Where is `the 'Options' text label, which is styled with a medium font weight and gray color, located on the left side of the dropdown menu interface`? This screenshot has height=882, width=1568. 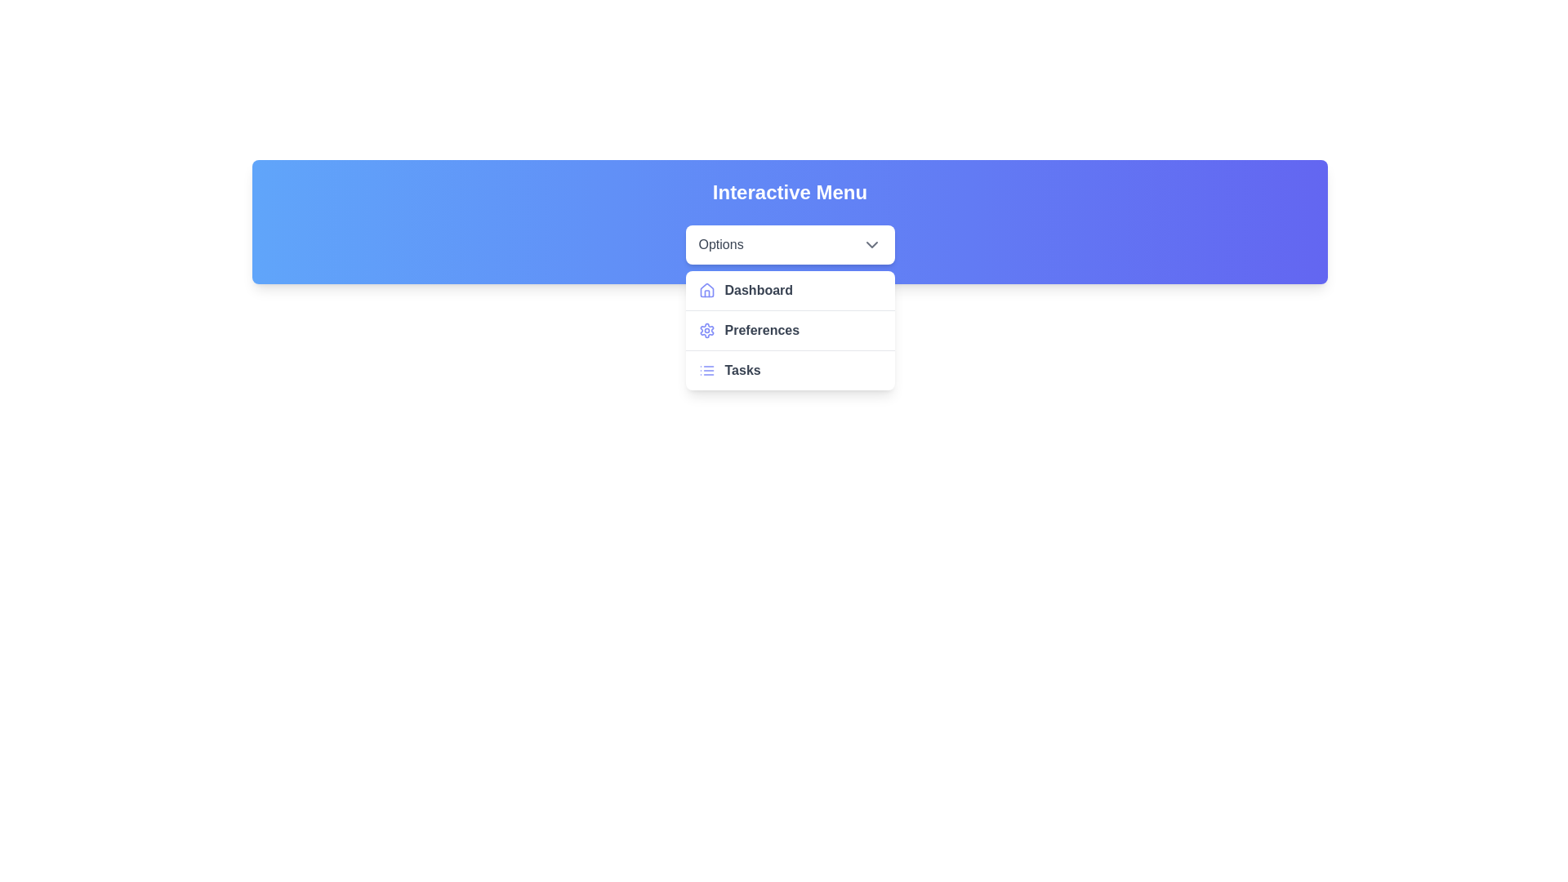
the 'Options' text label, which is styled with a medium font weight and gray color, located on the left side of the dropdown menu interface is located at coordinates (720, 245).